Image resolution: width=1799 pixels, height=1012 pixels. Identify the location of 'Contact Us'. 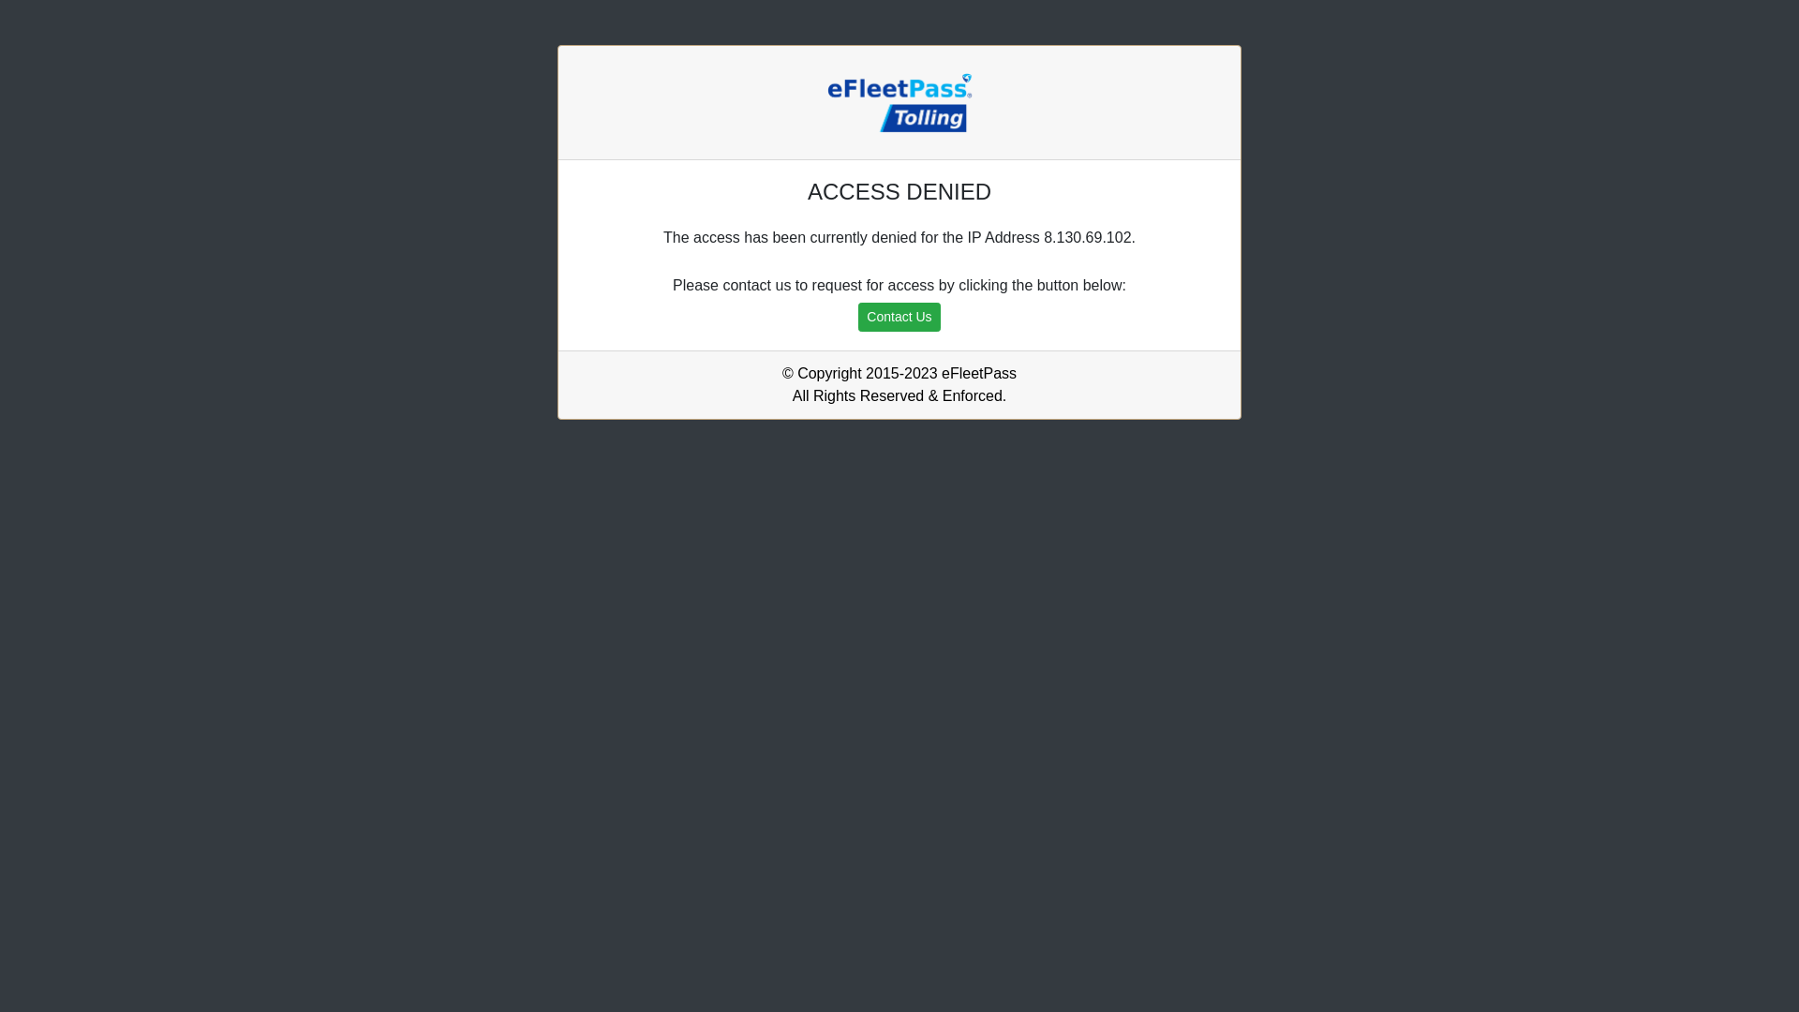
(857, 316).